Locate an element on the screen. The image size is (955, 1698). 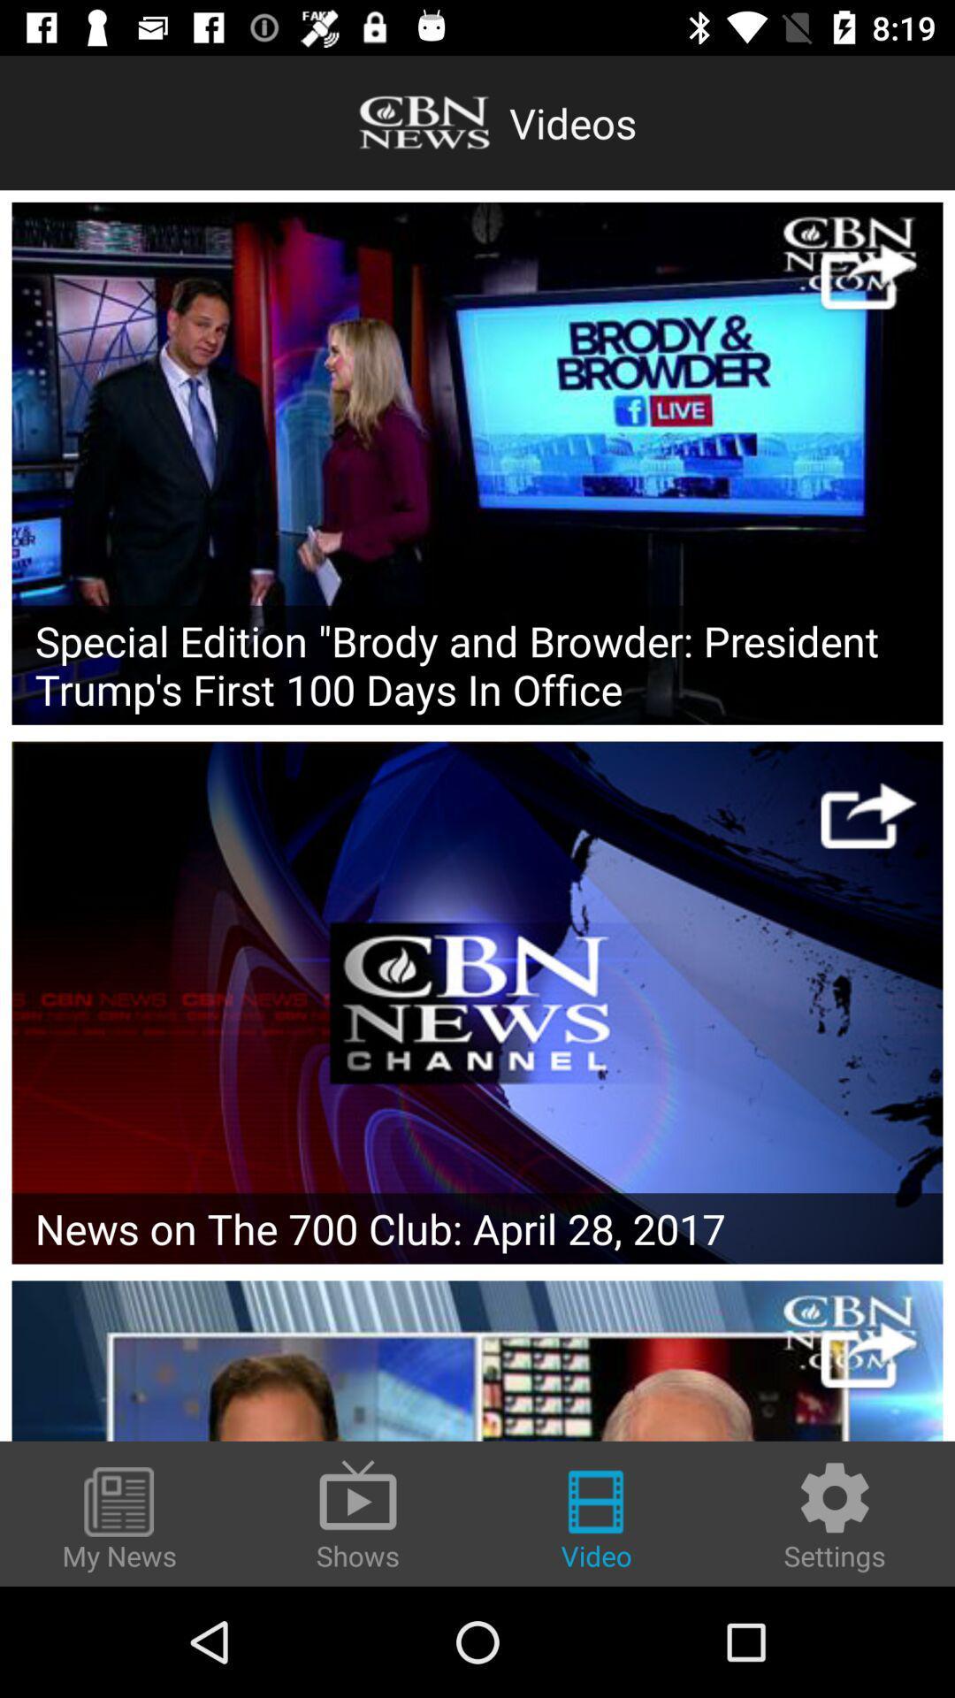
news article link is located at coordinates (477, 1360).